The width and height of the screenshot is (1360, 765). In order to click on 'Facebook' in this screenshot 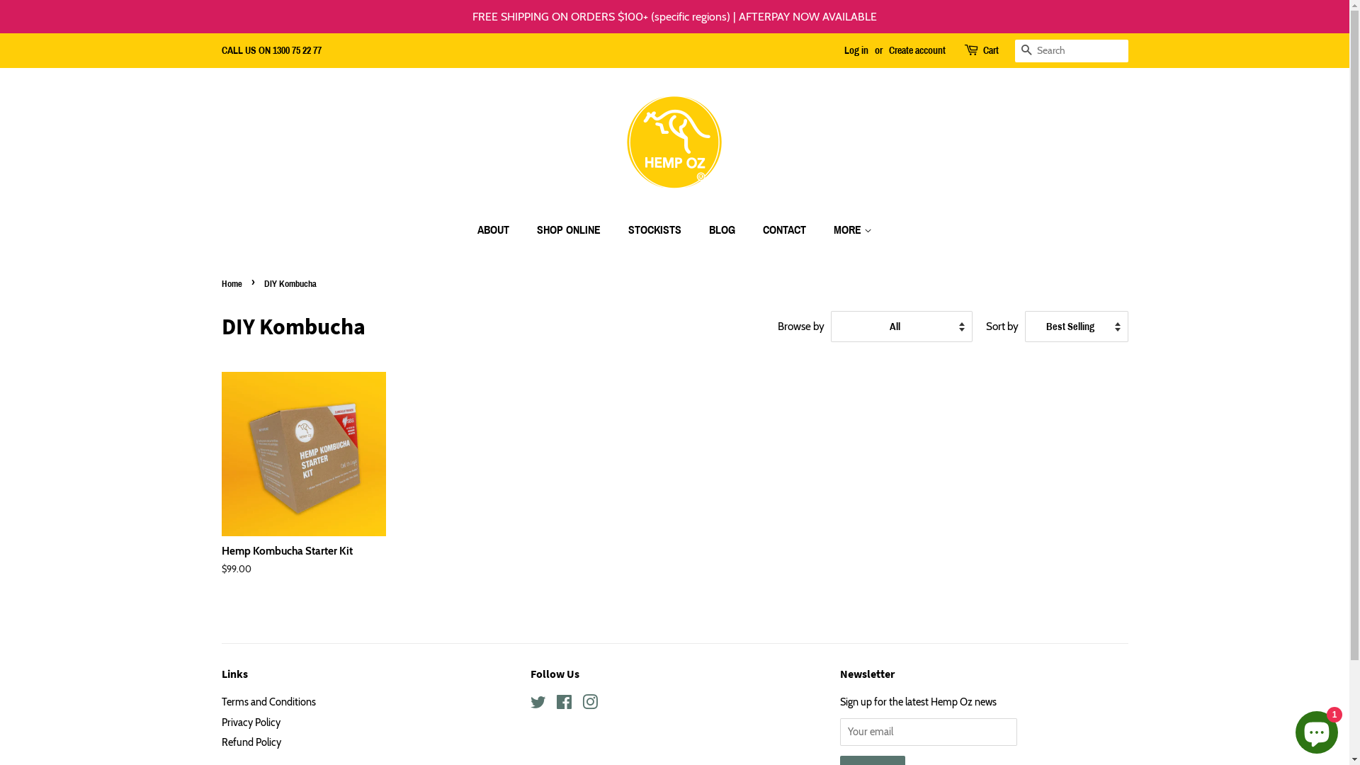, I will do `click(563, 705)`.